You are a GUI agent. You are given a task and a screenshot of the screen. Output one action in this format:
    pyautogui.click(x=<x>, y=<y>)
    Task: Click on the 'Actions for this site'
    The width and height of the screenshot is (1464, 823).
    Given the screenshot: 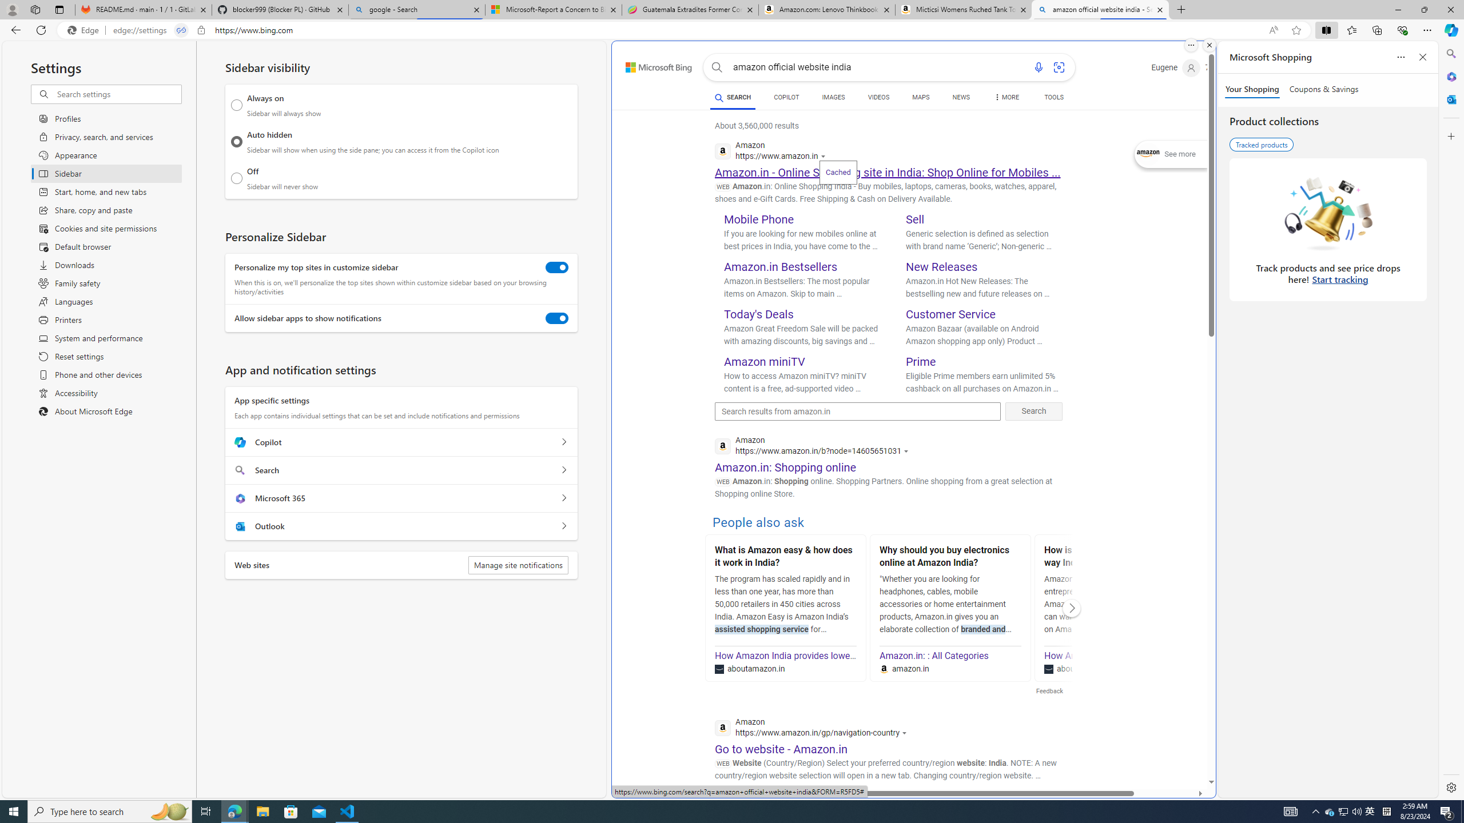 What is the action you would take?
    pyautogui.click(x=905, y=733)
    